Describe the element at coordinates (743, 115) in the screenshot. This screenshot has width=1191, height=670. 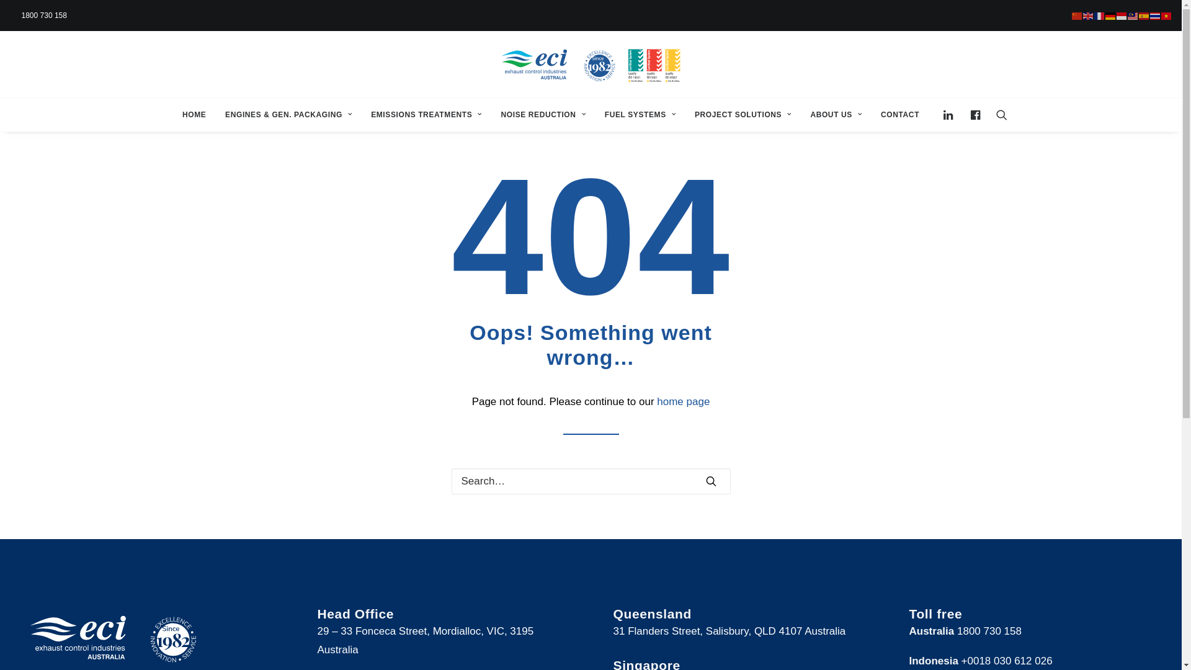
I see `'PROJECT SOLUTIONS'` at that location.